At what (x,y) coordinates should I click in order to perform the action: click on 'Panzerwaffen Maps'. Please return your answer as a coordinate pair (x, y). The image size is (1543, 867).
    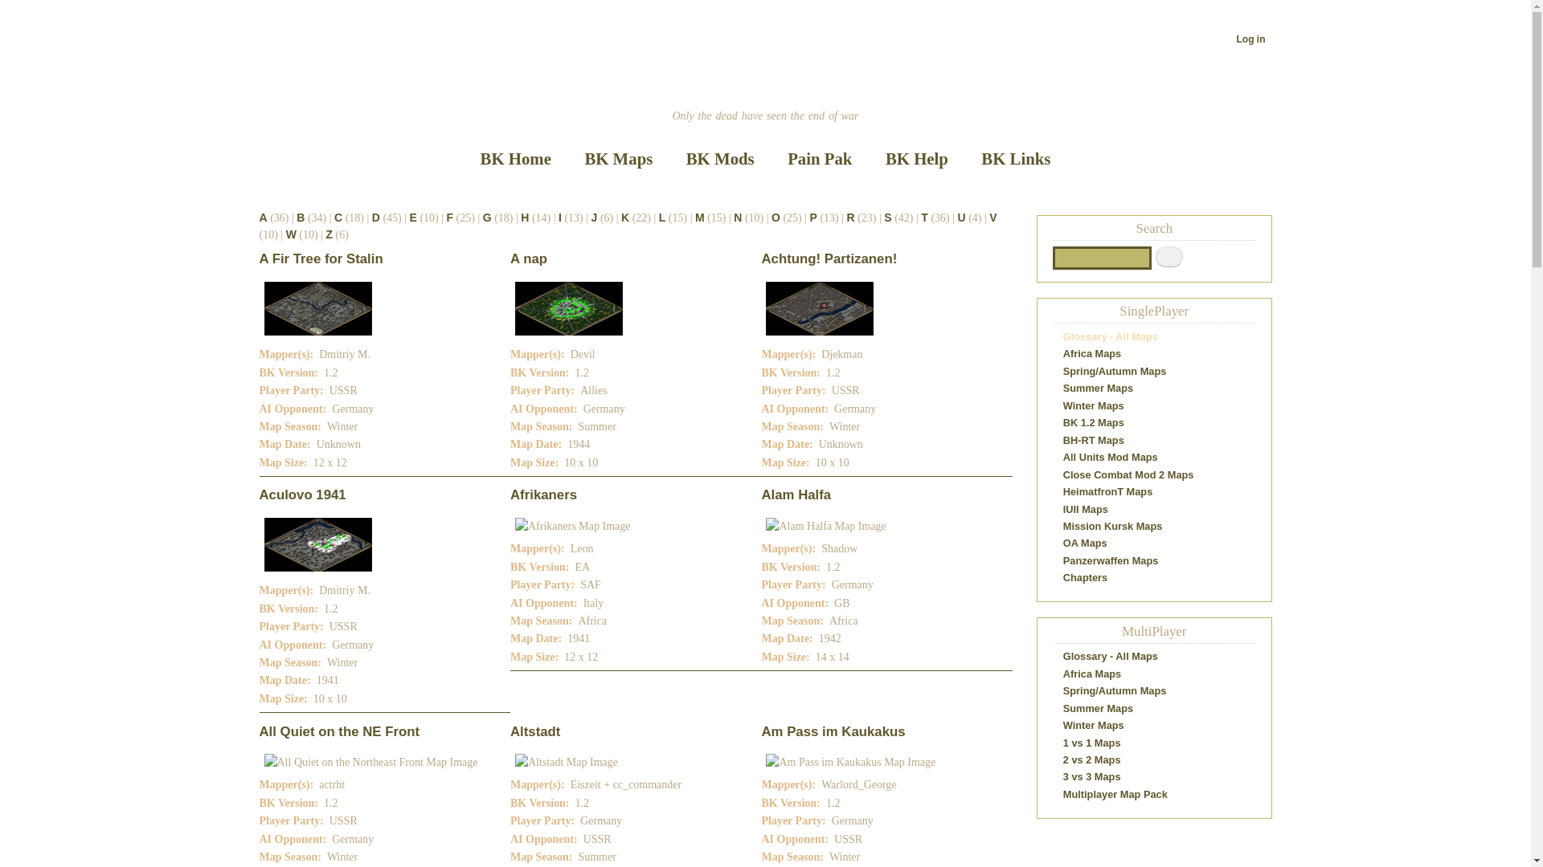
    Looking at the image, I should click on (1110, 560).